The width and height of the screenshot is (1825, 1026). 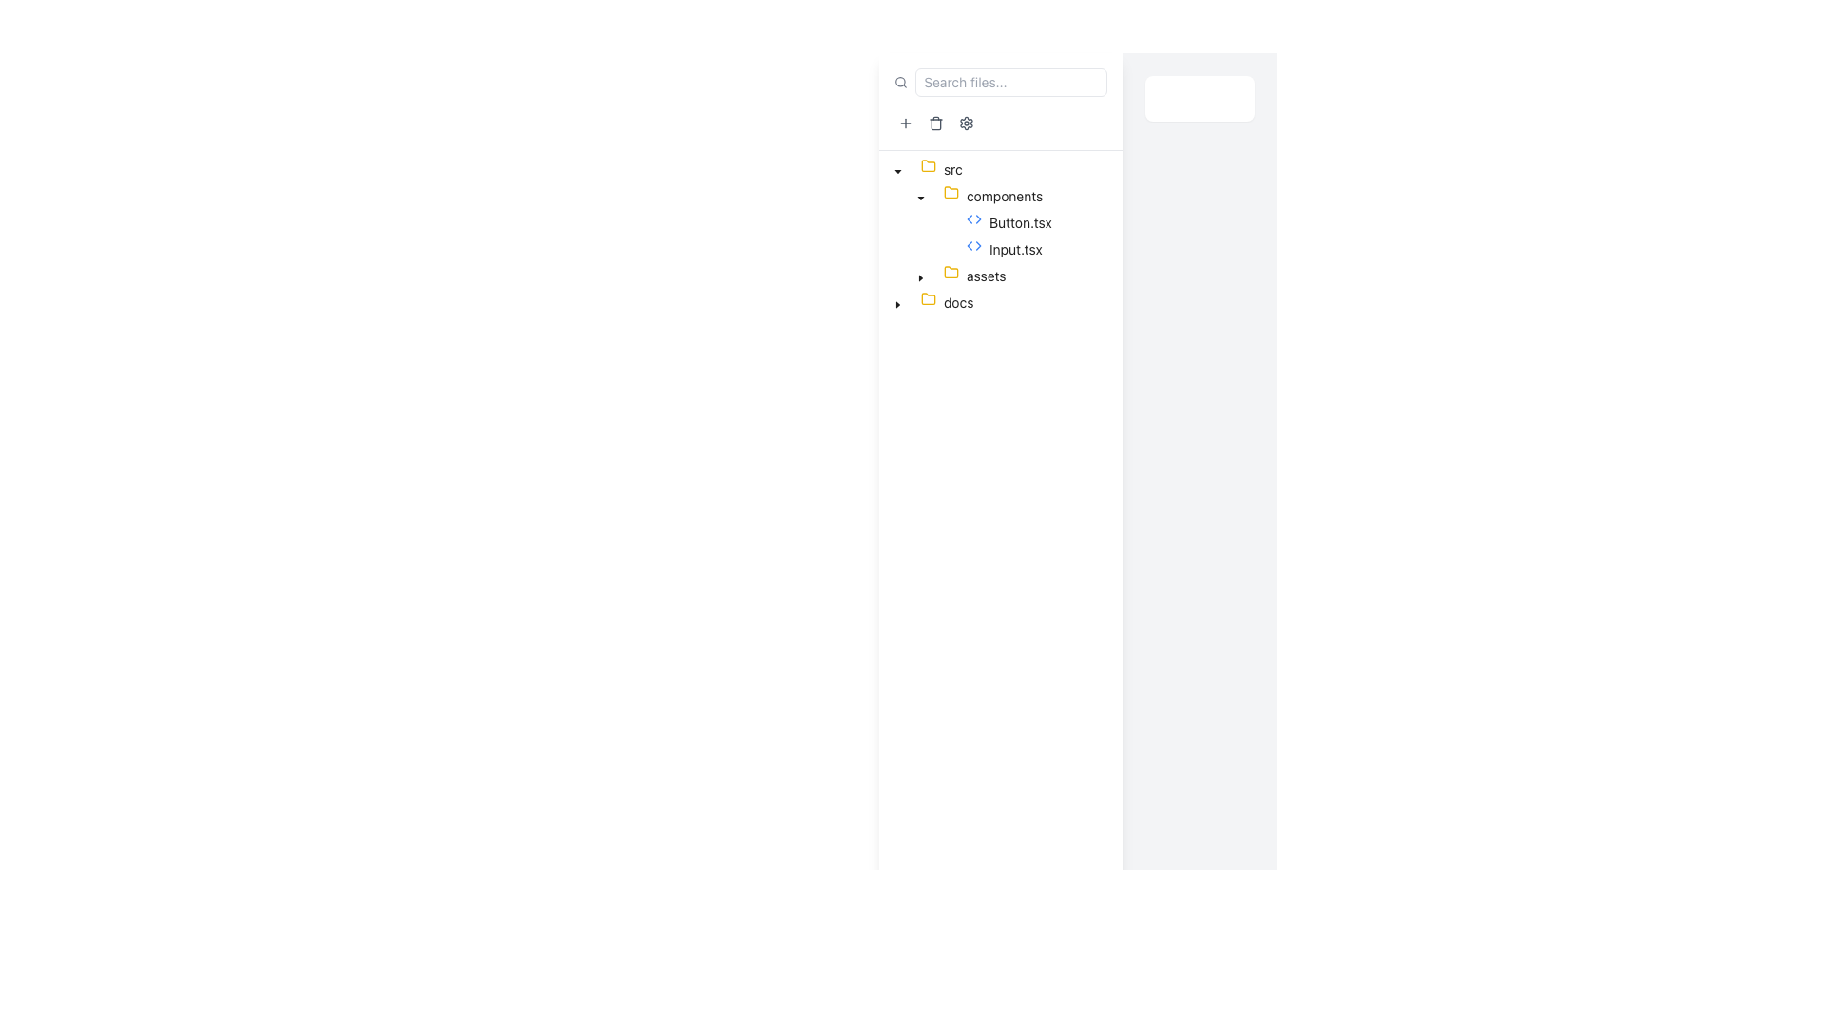 What do you see at coordinates (905, 123) in the screenshot?
I see `the centrally located icon button in the file explorer interface` at bounding box center [905, 123].